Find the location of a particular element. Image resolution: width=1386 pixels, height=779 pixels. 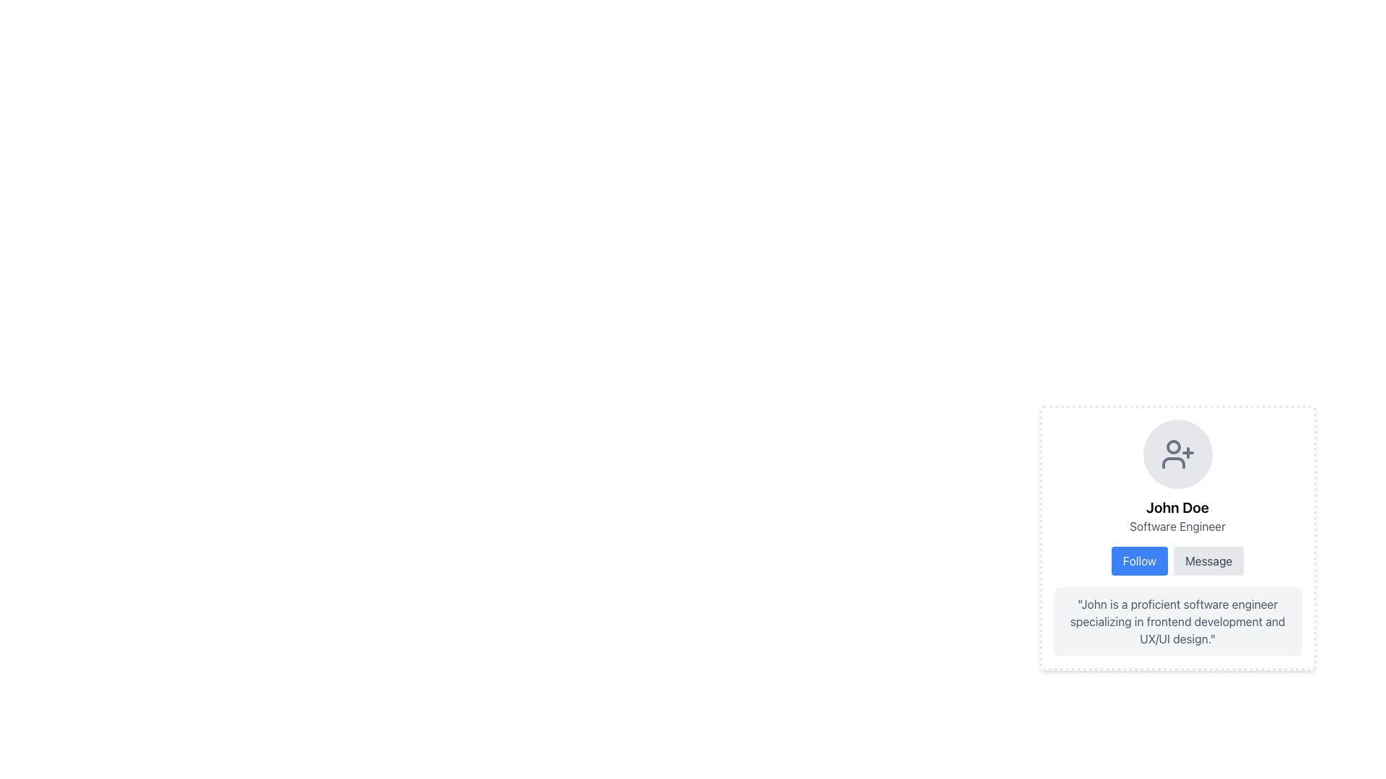

the text block that provides a textual description or brief biography of the individual displayed in the profile card, located at the bottom under the Follow and Message buttons is located at coordinates (1177, 620).